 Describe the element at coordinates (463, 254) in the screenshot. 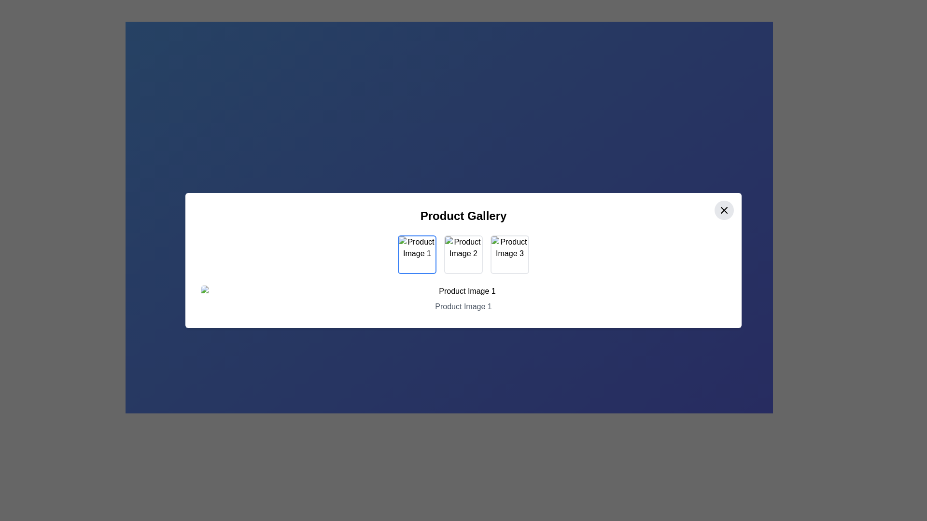

I see `the 'Product Image 2' thumbnail, which is a square image with a rounded light gray border, located` at that location.